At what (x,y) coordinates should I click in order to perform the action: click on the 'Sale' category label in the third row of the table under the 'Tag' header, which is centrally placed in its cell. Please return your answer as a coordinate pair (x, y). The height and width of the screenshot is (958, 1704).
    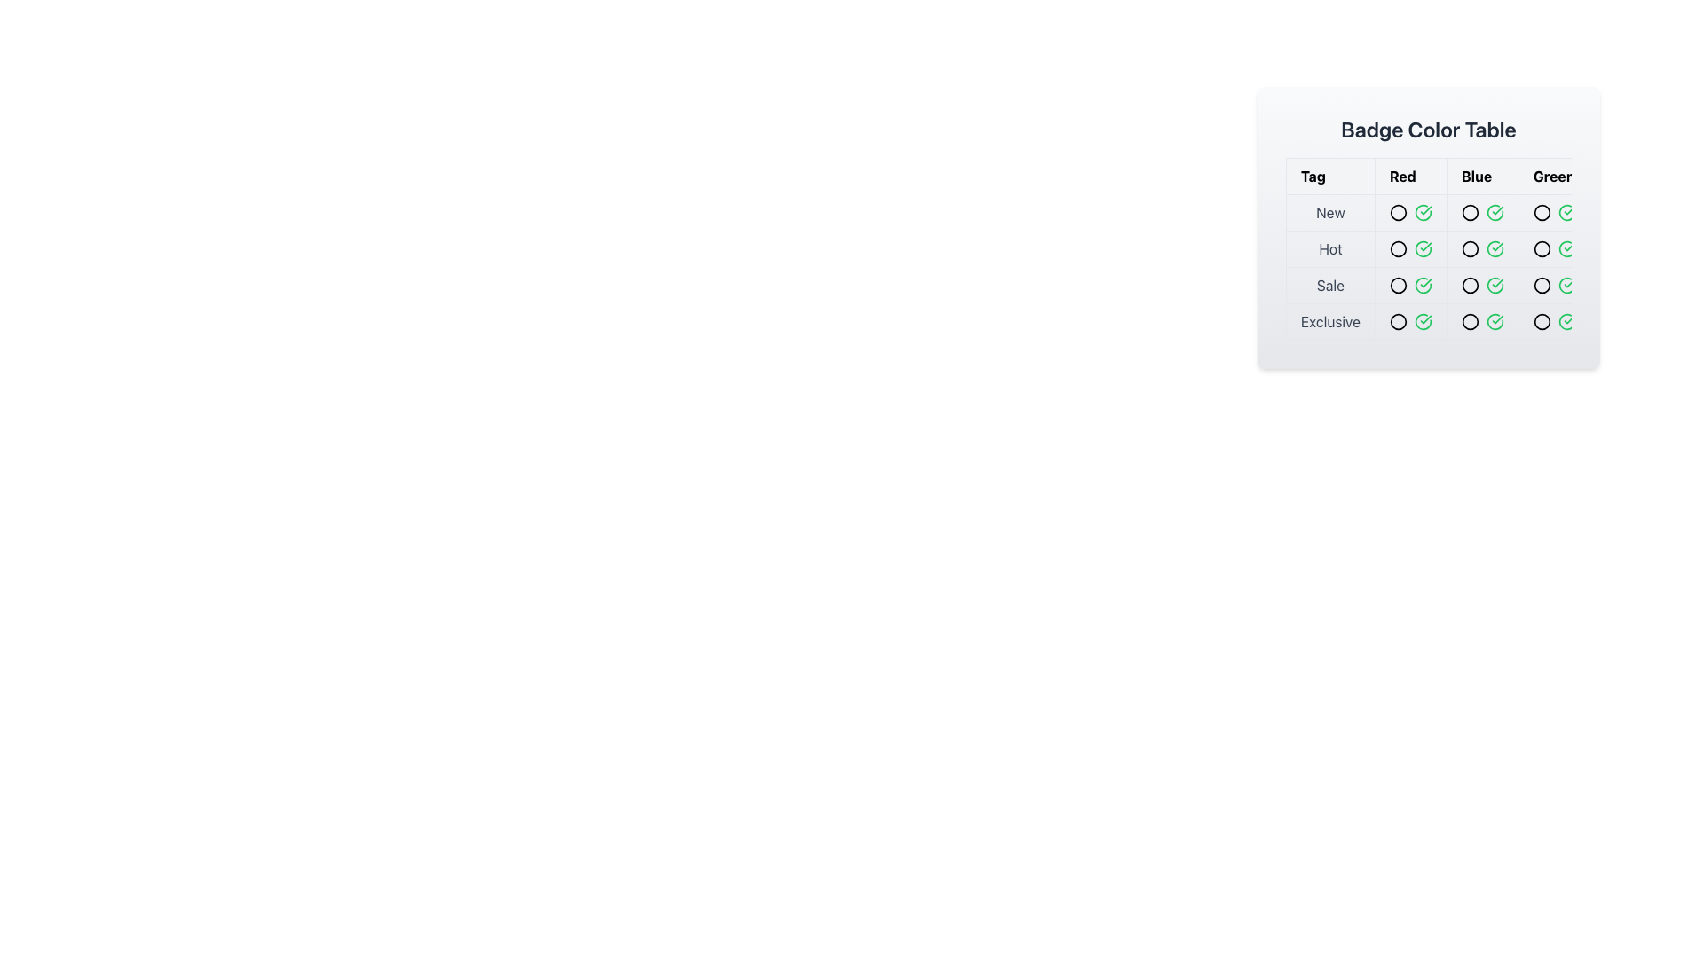
    Looking at the image, I should click on (1330, 284).